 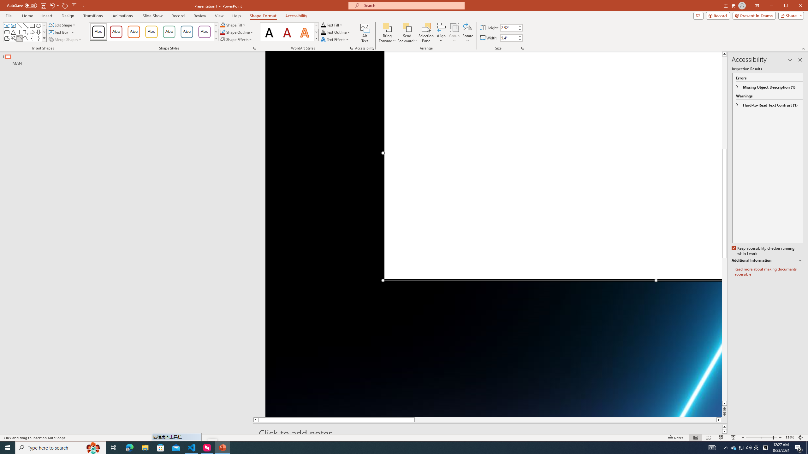 What do you see at coordinates (187, 32) in the screenshot?
I see `'Colored Outline - Blue-Gray, Accent 5'` at bounding box center [187, 32].